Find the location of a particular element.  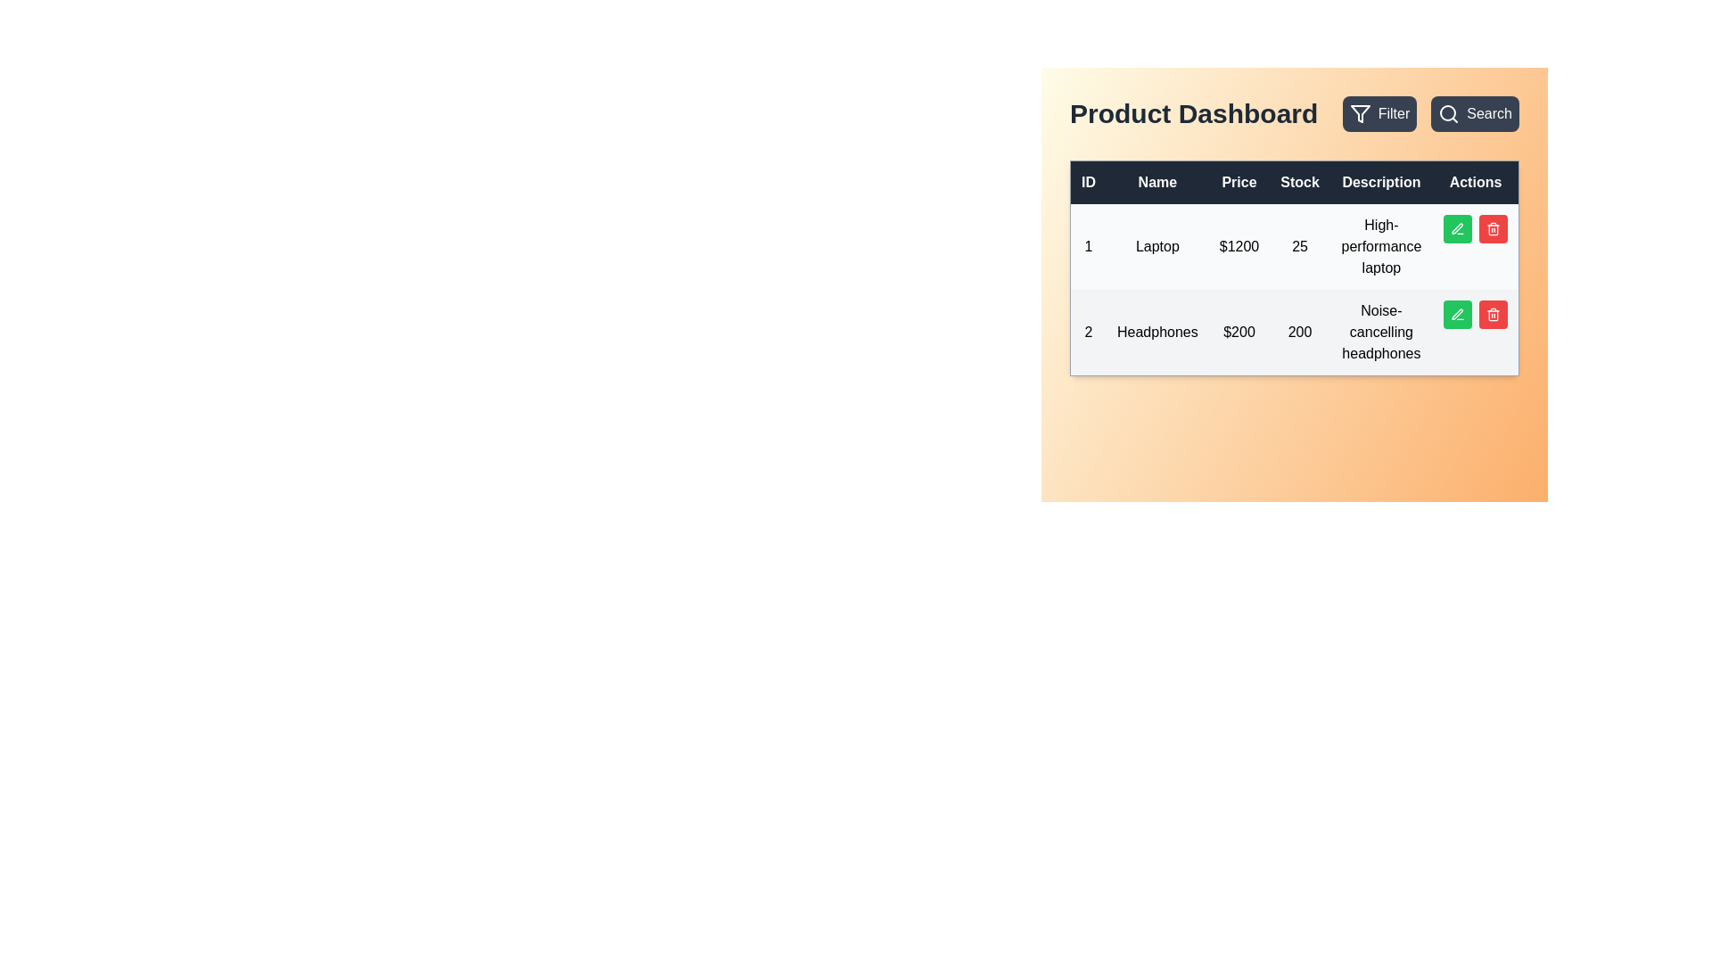

the filter button located in the top-right corner of the interface, immediately to the left of the 'Search' button, to apply a filter operation is located at coordinates (1379, 113).